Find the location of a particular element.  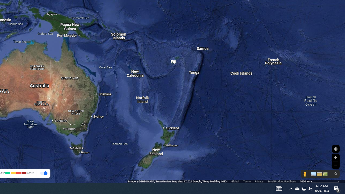

'Send Product Feedback' is located at coordinates (281, 181).